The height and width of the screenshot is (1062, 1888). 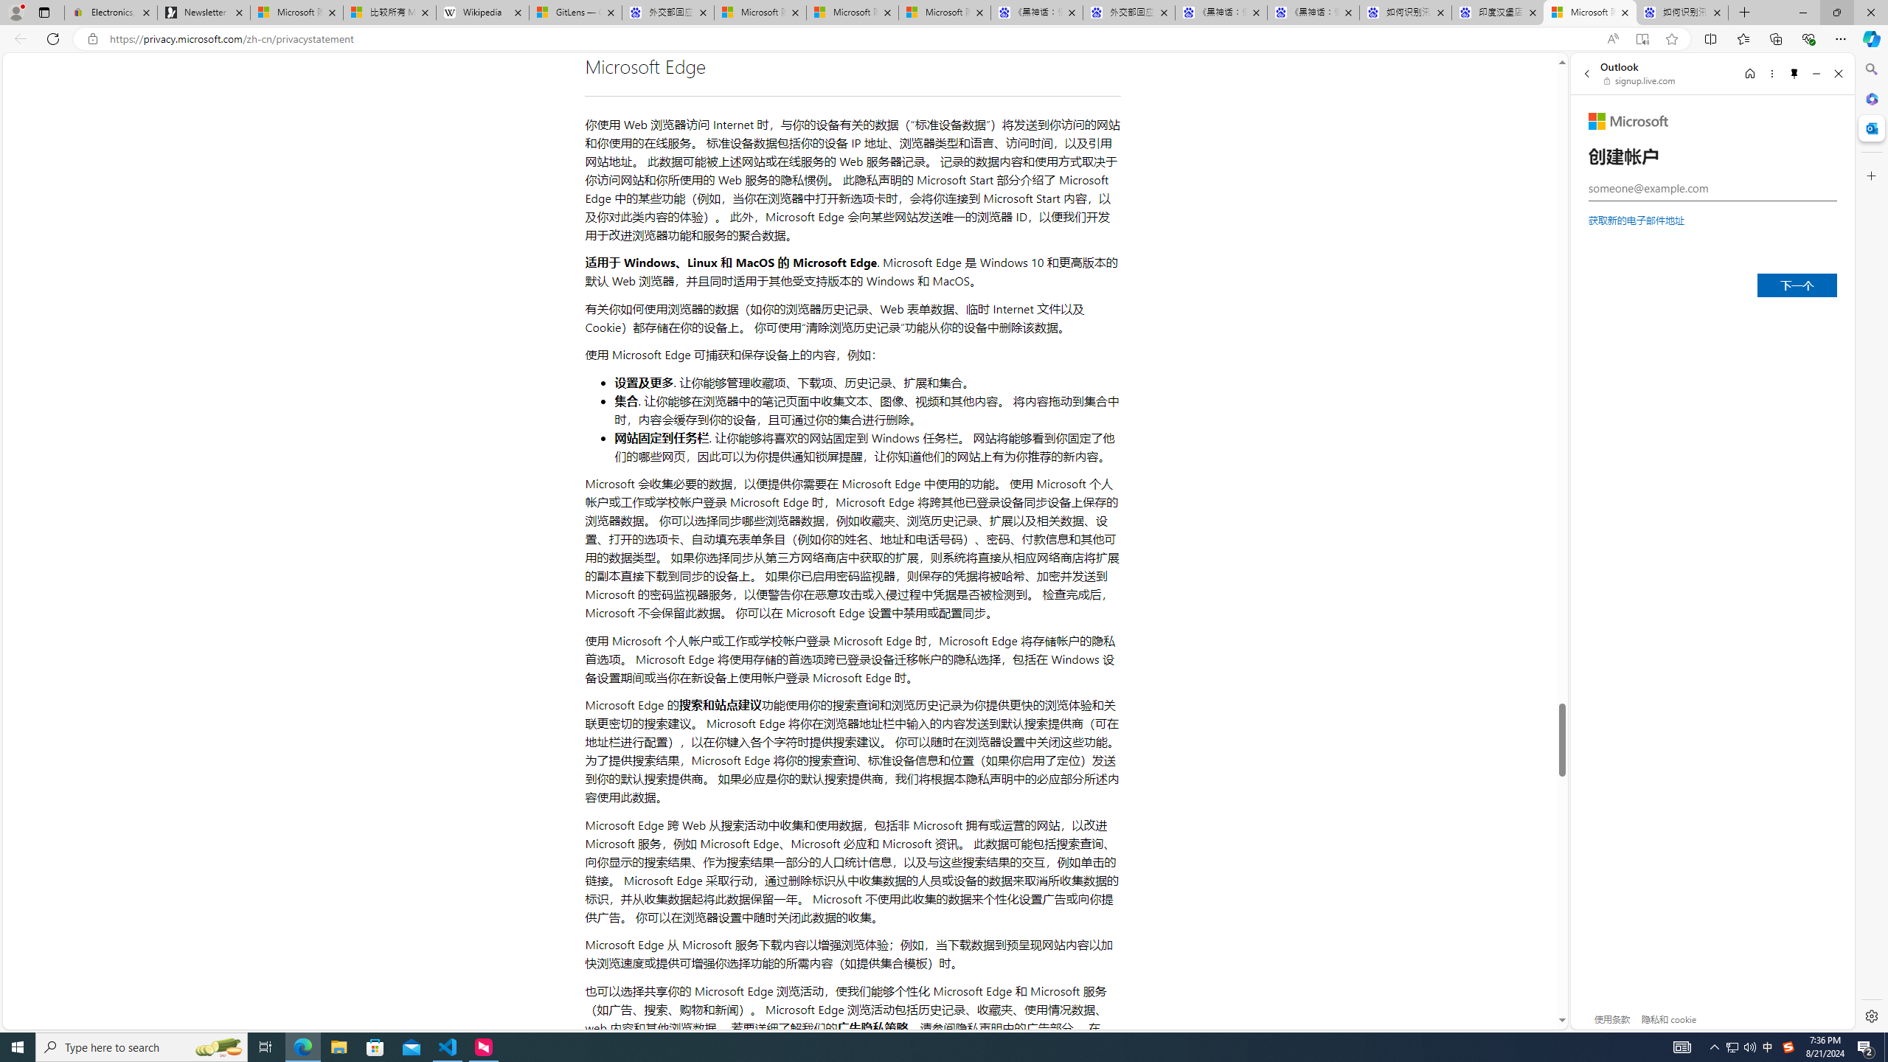 I want to click on 'Minimize', so click(x=1816, y=73).